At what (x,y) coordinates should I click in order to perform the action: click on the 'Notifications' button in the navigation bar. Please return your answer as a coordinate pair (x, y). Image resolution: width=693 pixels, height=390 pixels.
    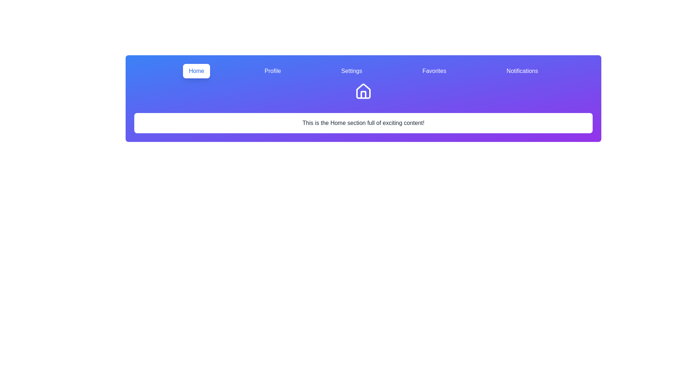
    Looking at the image, I should click on (522, 71).